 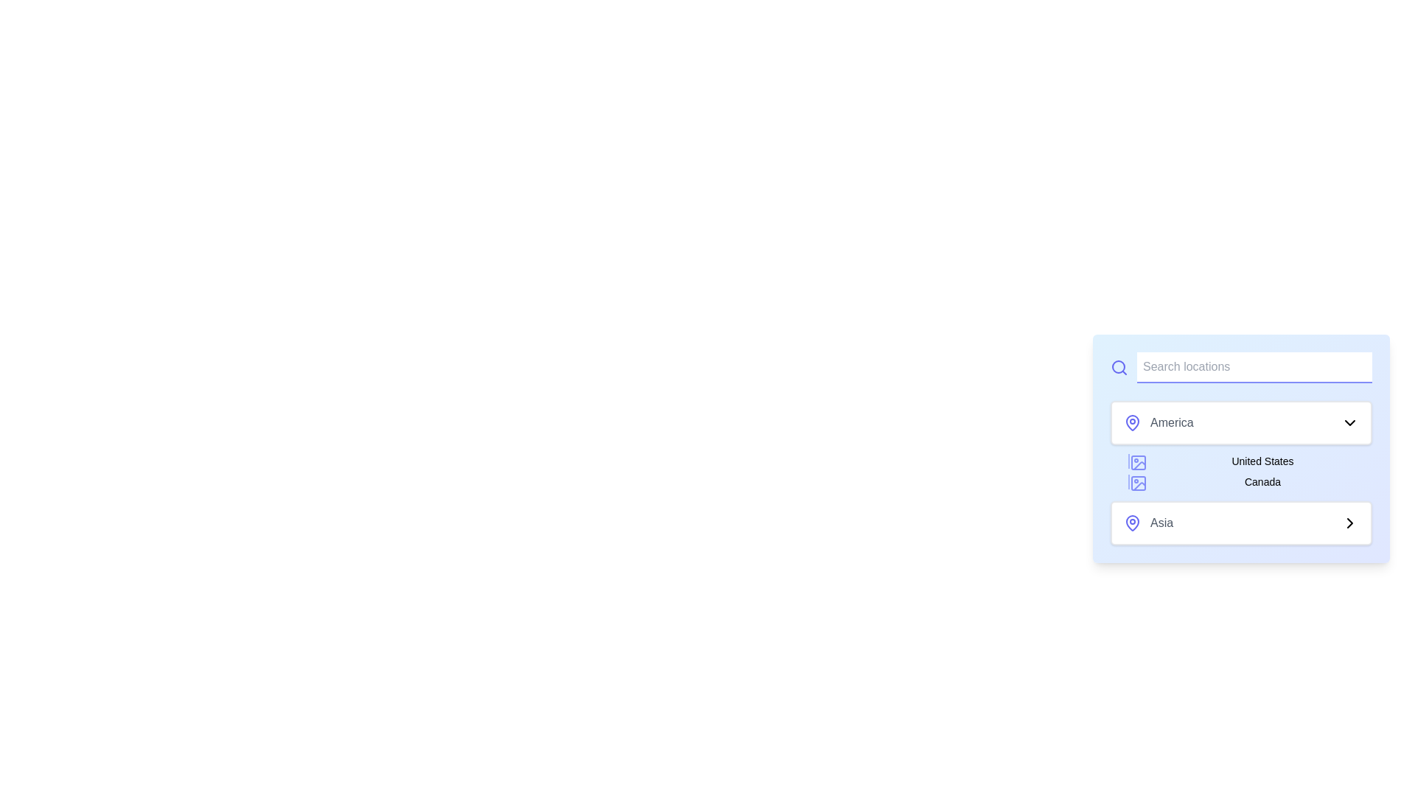 What do you see at coordinates (1119, 366) in the screenshot?
I see `the SVG-based search icon located at the far-left side of the layout` at bounding box center [1119, 366].